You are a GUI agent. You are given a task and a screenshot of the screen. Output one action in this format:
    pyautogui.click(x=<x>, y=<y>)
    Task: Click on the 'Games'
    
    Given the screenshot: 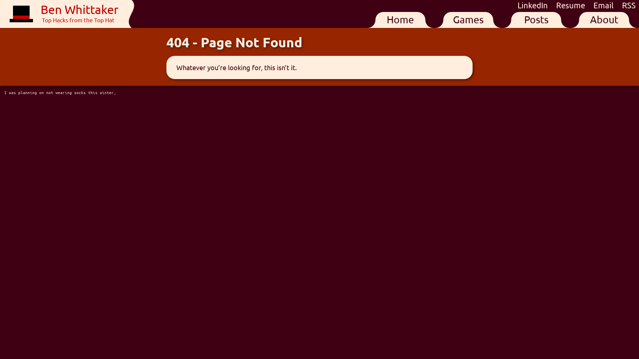 What is the action you would take?
    pyautogui.click(x=468, y=20)
    